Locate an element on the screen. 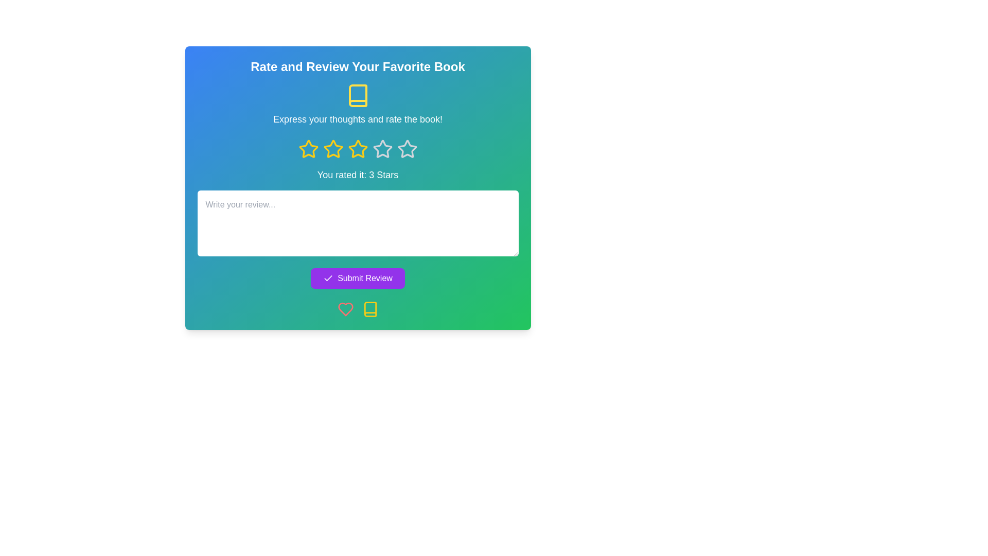 The image size is (988, 556). the third star rating button, which is a yellow star icon in a horizontal arrangement of five stars is located at coordinates (358, 149).